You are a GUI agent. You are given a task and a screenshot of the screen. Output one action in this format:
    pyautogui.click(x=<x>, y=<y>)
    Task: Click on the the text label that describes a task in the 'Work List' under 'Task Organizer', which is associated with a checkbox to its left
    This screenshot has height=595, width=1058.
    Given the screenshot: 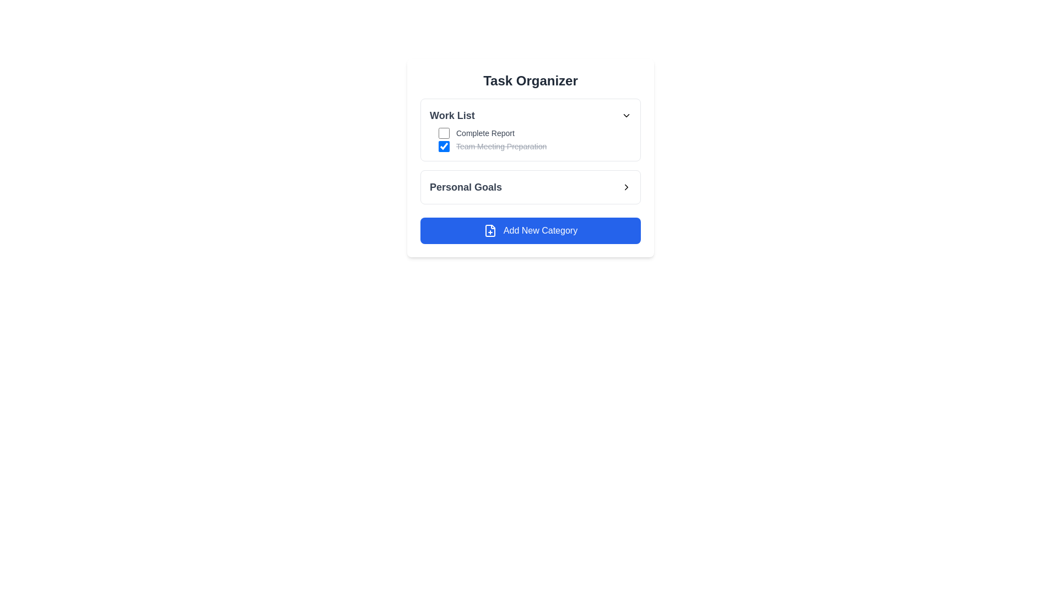 What is the action you would take?
    pyautogui.click(x=485, y=133)
    